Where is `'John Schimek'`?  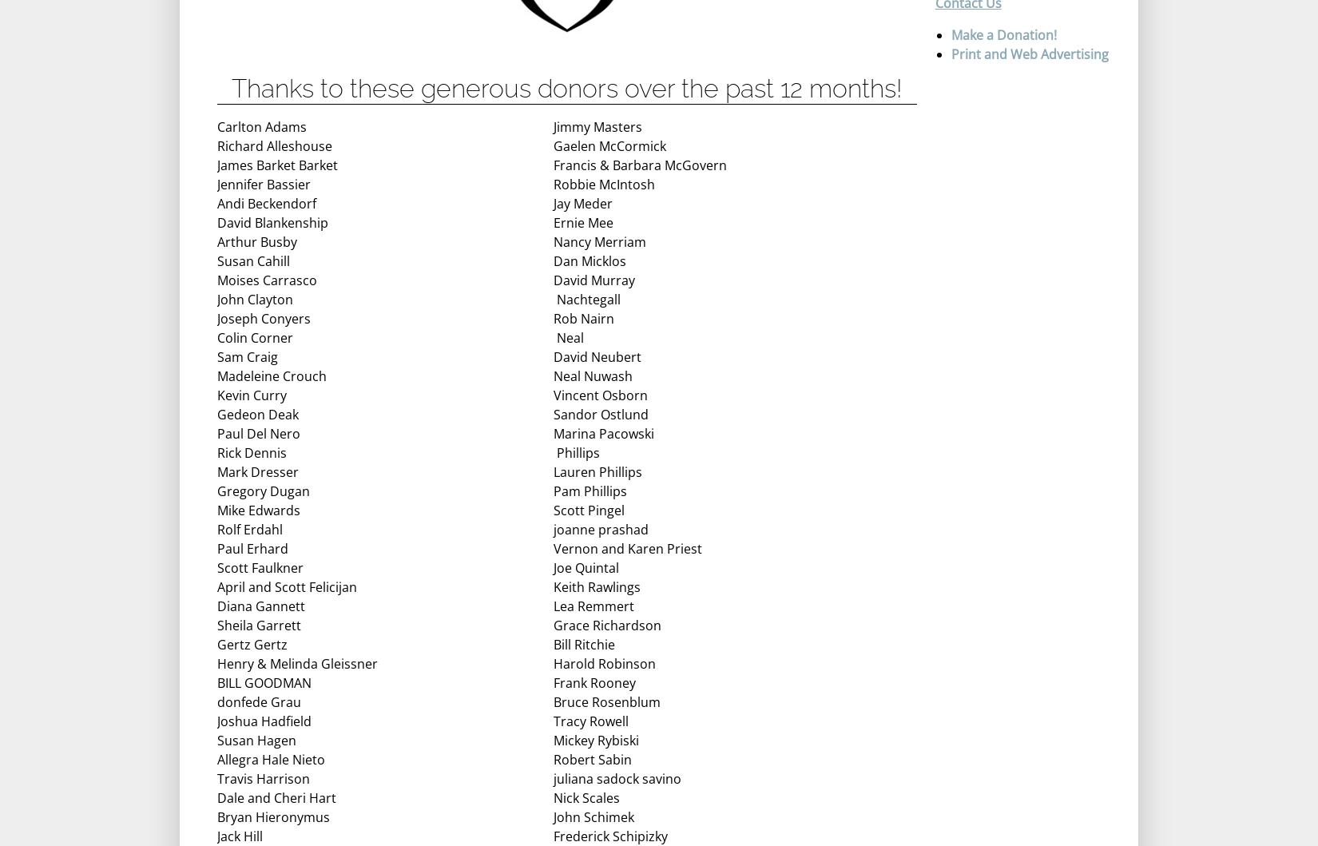 'John Schimek' is located at coordinates (593, 816).